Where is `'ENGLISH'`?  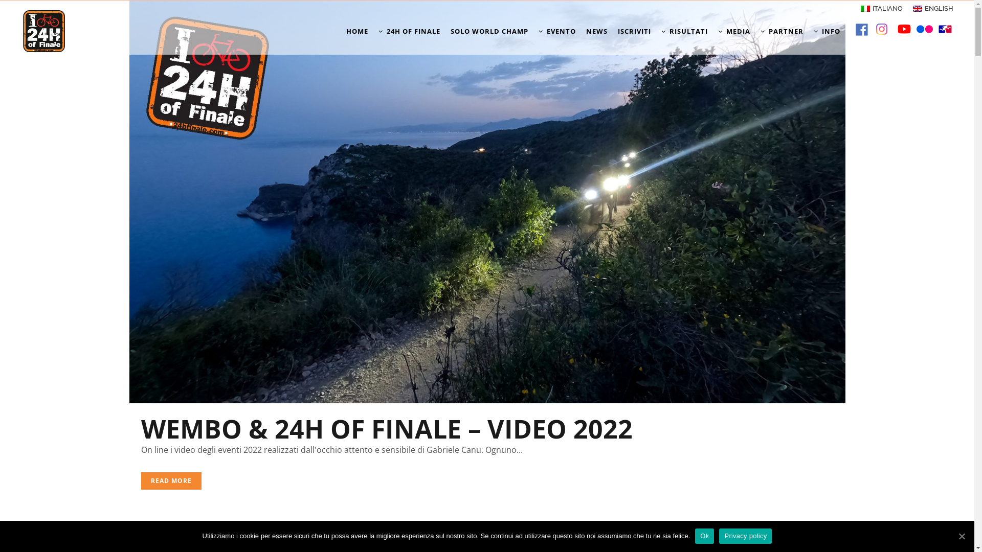
'ENGLISH' is located at coordinates (933, 8).